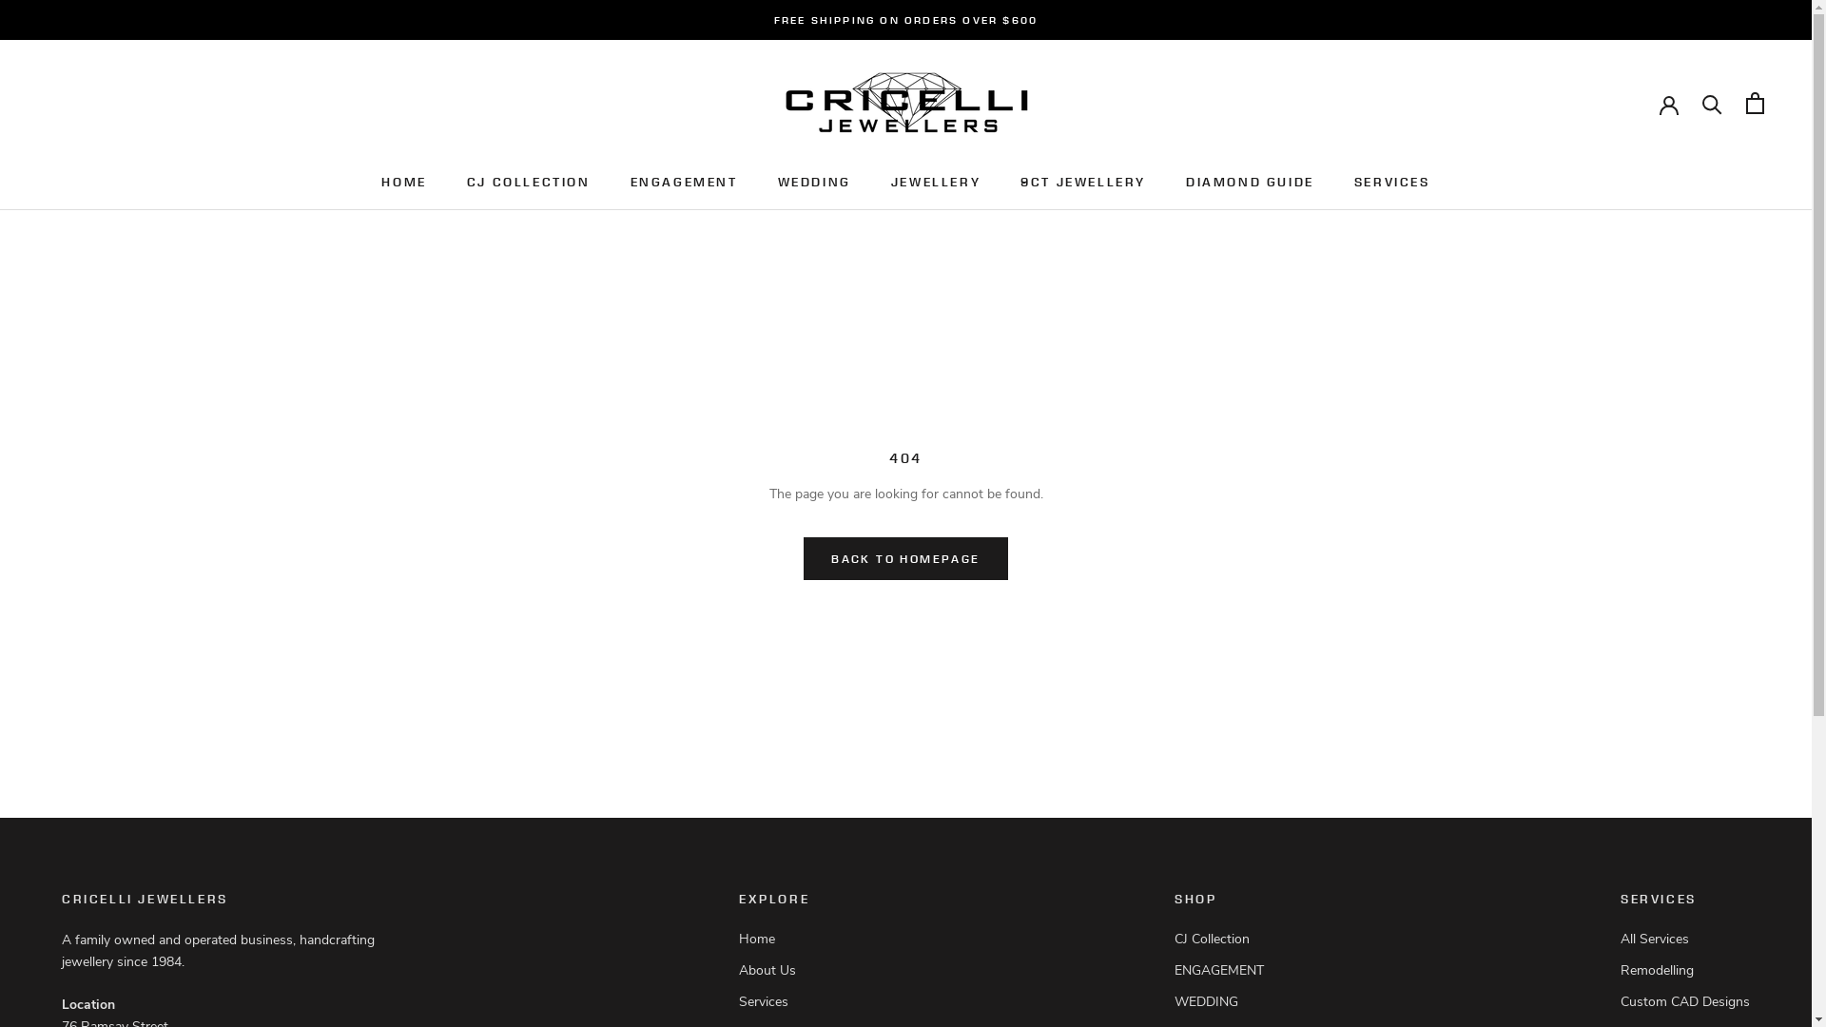 The image size is (1826, 1027). Describe the element at coordinates (380, 182) in the screenshot. I see `'HOME` at that location.